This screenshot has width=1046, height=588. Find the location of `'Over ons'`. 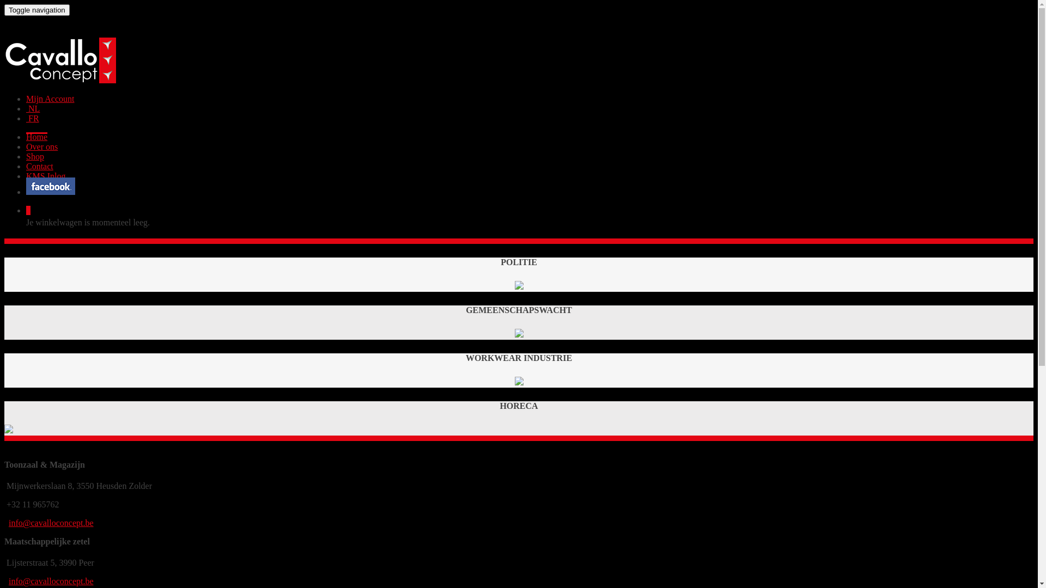

'Over ons' is located at coordinates (41, 146).